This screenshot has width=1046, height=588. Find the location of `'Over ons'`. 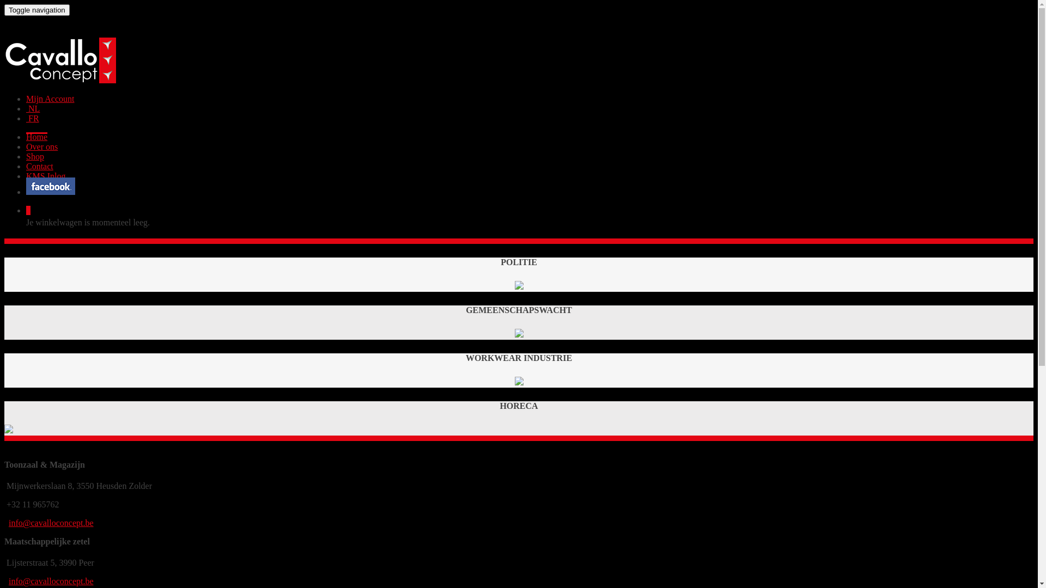

'Over ons' is located at coordinates (41, 146).